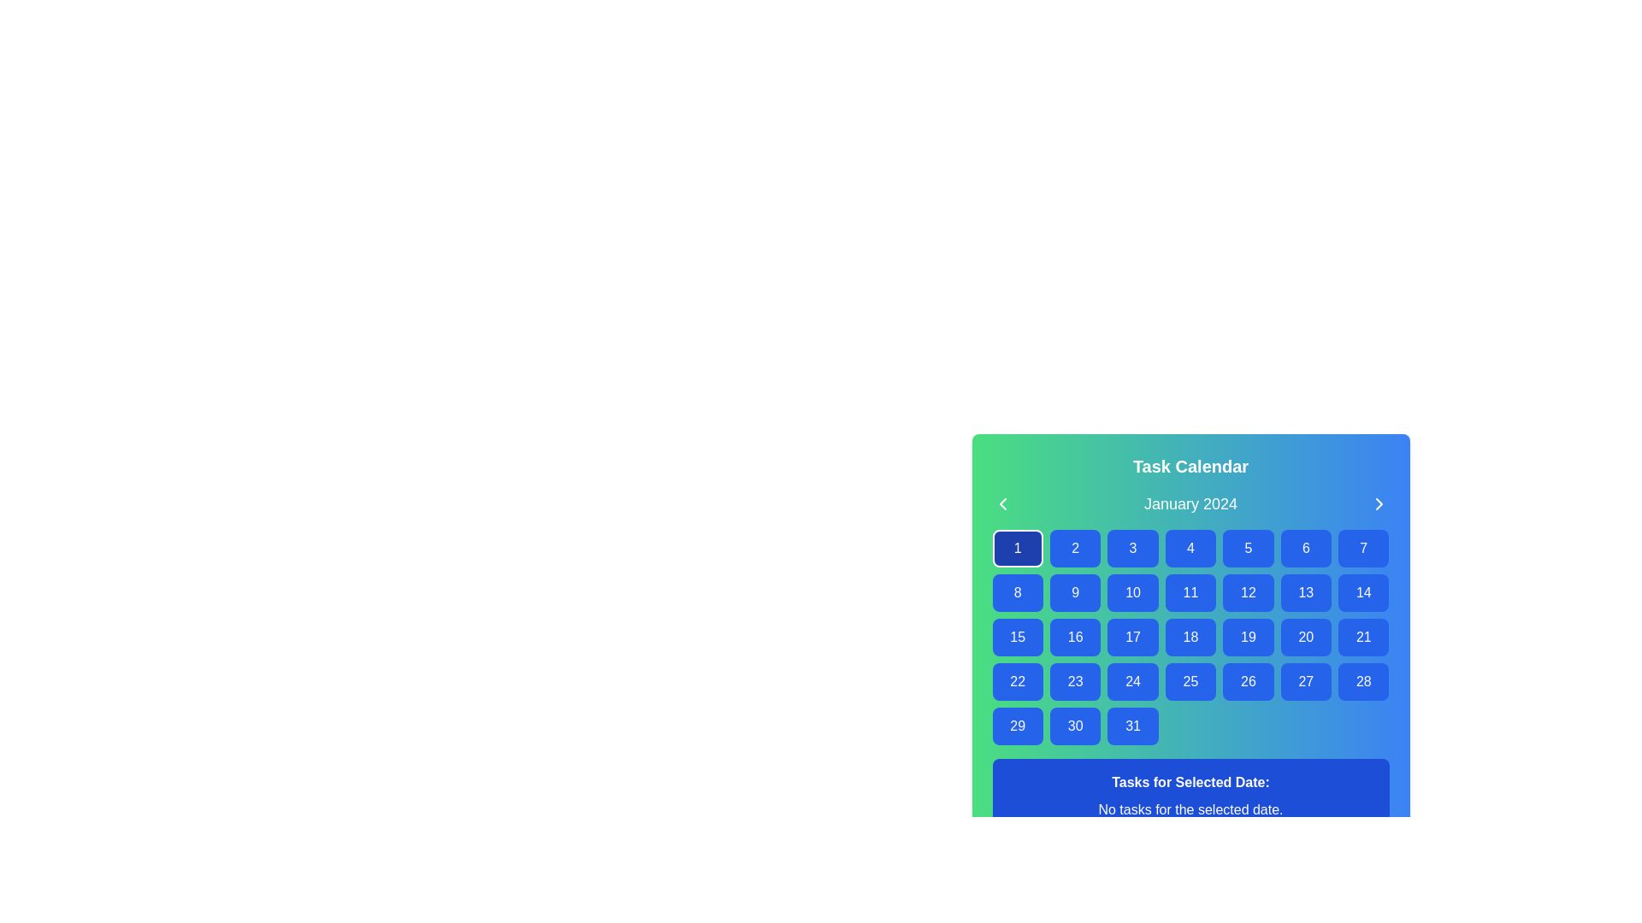 This screenshot has width=1642, height=923. What do you see at coordinates (1018, 726) in the screenshot?
I see `the button representing the 29th day in the calendar` at bounding box center [1018, 726].